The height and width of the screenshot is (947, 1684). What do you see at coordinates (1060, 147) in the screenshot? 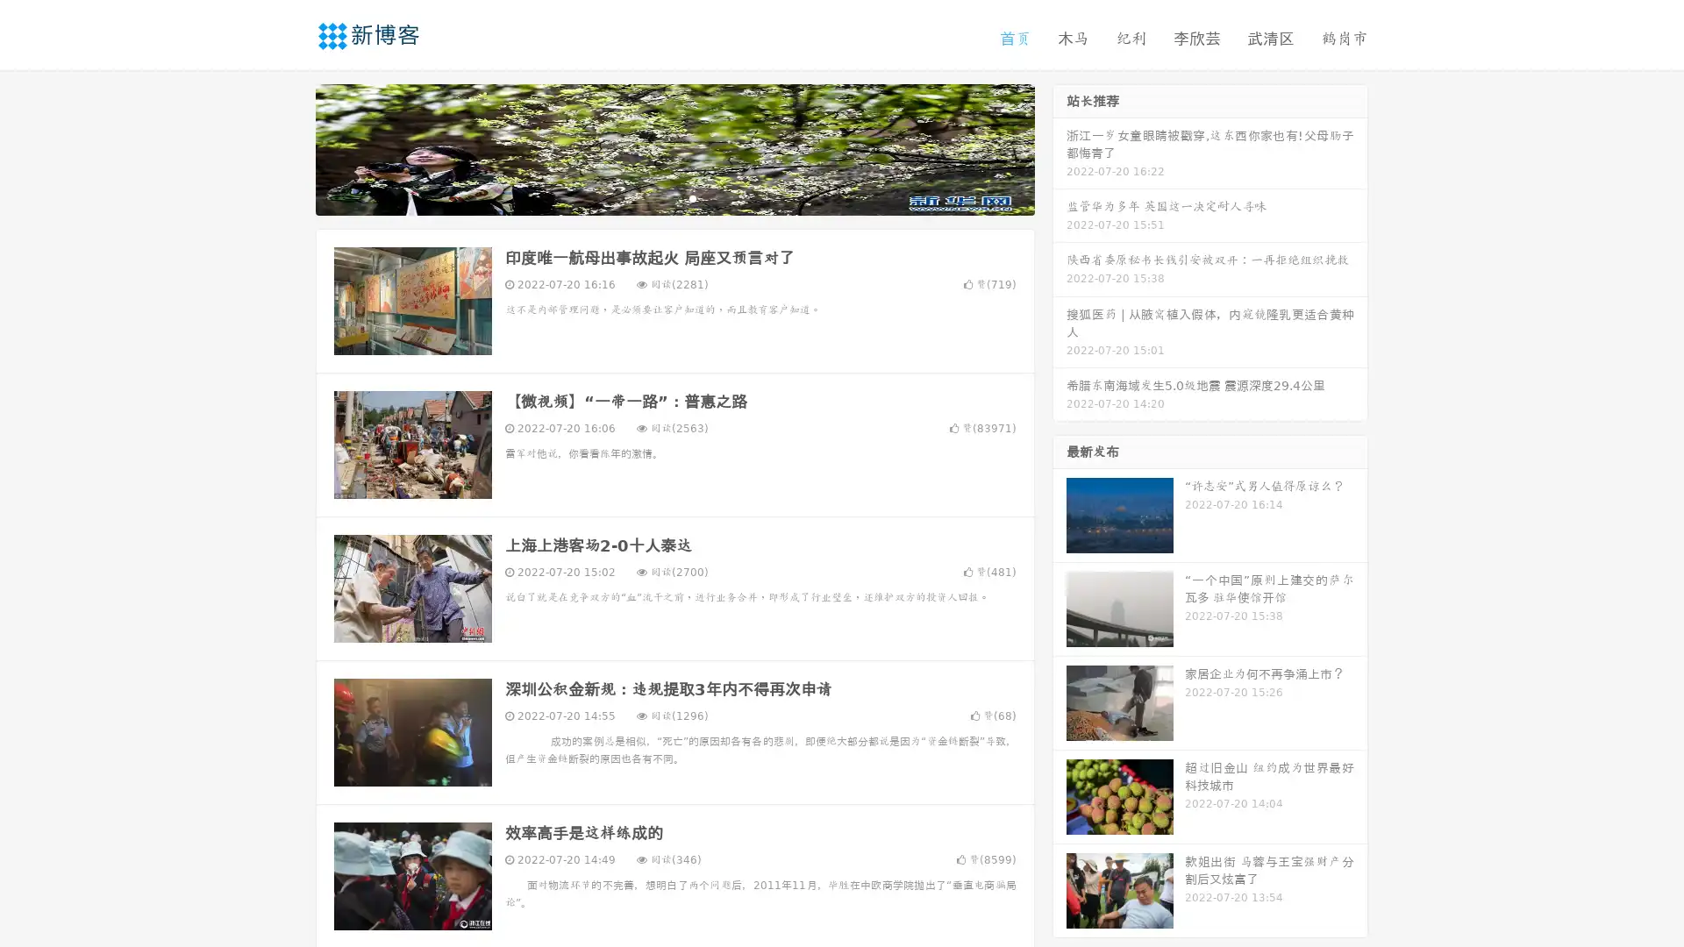
I see `Next slide` at bounding box center [1060, 147].